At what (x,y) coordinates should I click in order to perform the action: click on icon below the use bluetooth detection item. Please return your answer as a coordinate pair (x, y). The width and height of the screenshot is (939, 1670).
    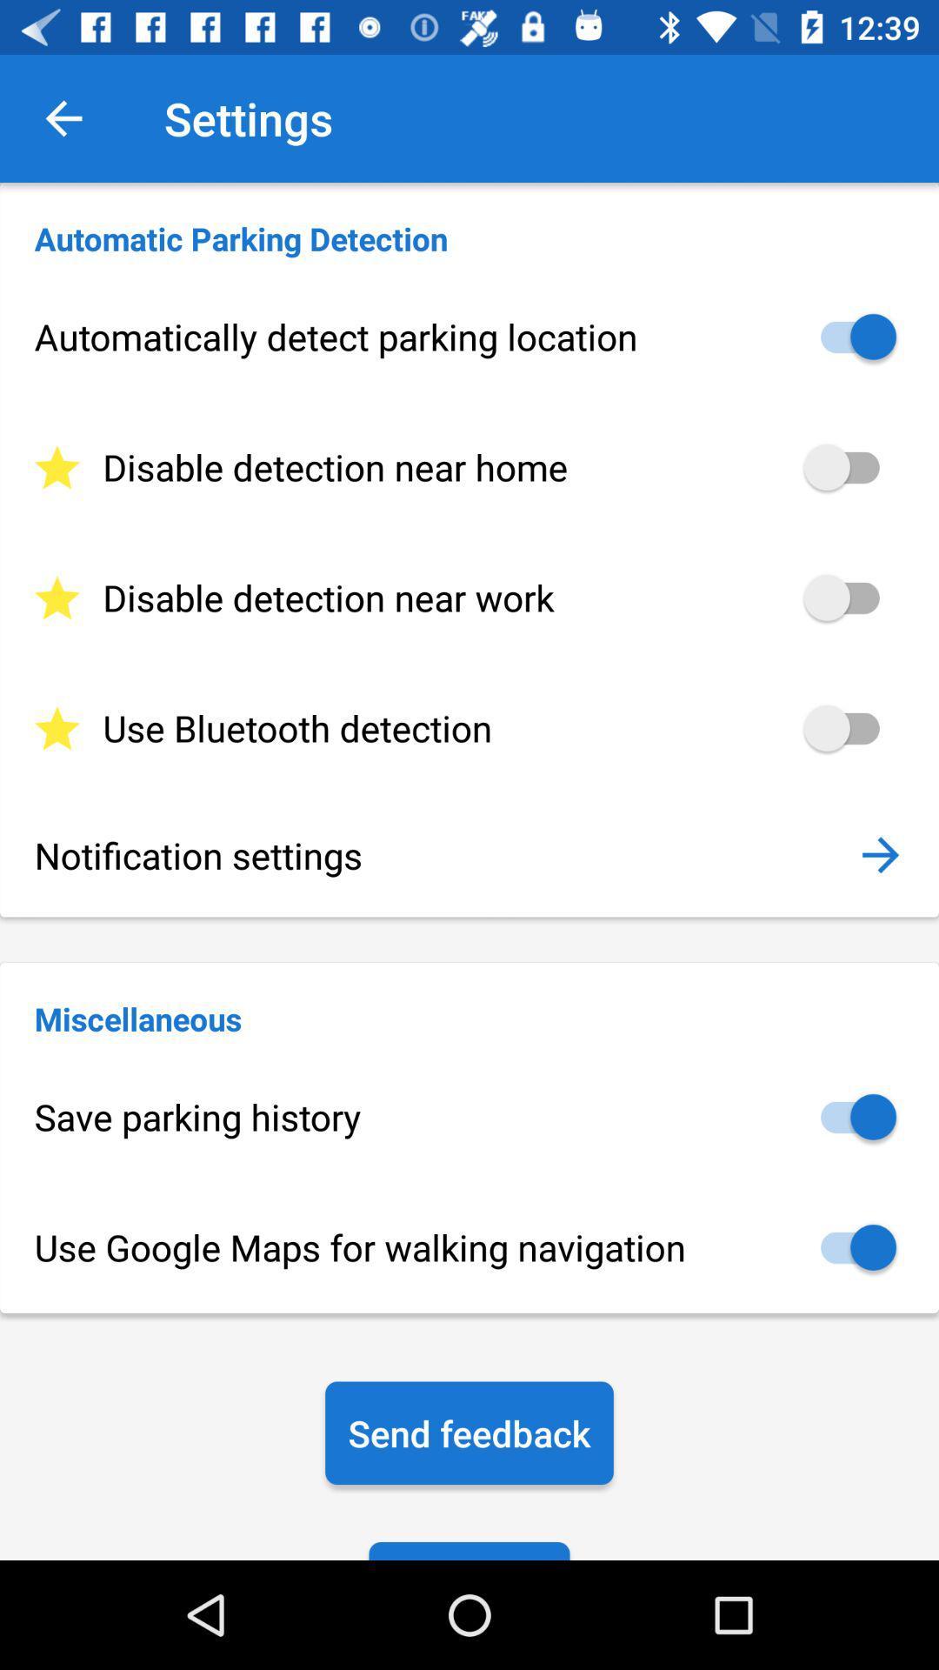
    Looking at the image, I should click on (880, 855).